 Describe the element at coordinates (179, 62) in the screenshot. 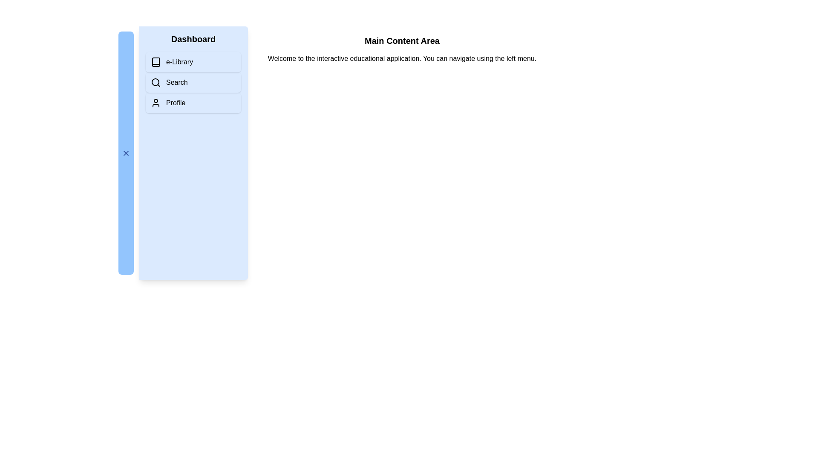

I see `the 'e-Library' menu item located in the sidebar below the 'Dashboard' header` at that location.